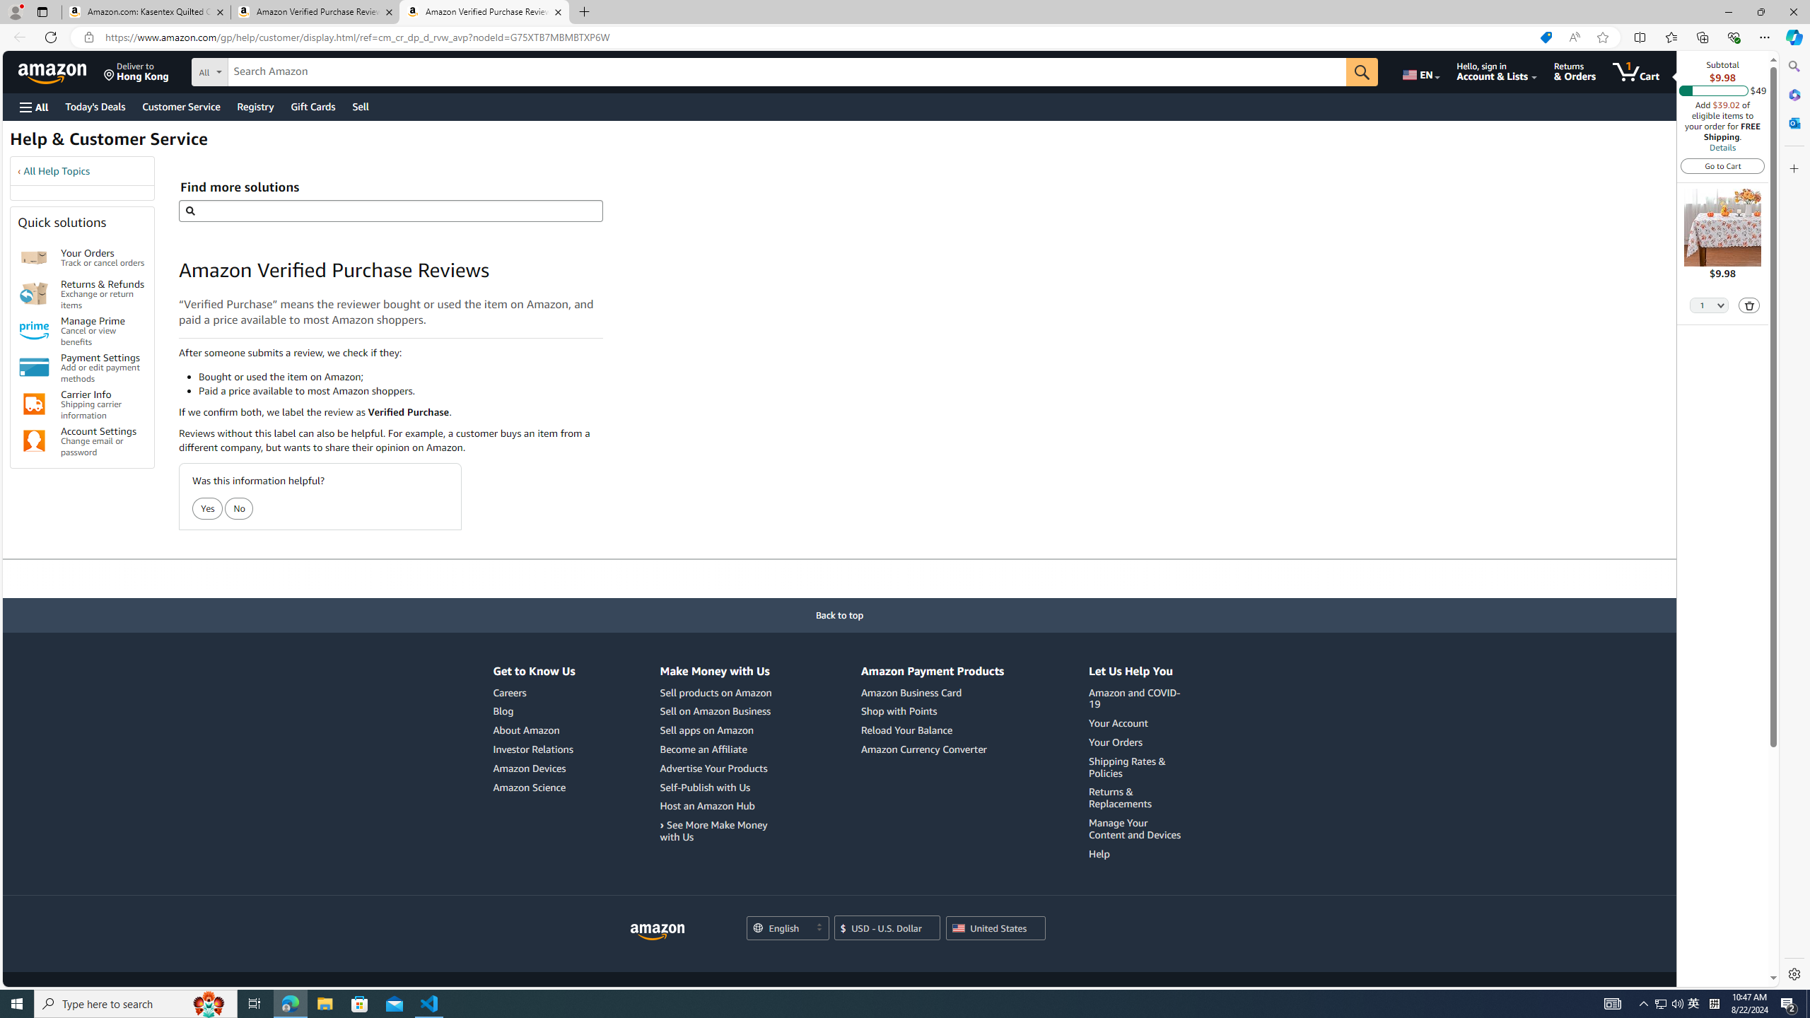  What do you see at coordinates (1362, 72) in the screenshot?
I see `'Go'` at bounding box center [1362, 72].